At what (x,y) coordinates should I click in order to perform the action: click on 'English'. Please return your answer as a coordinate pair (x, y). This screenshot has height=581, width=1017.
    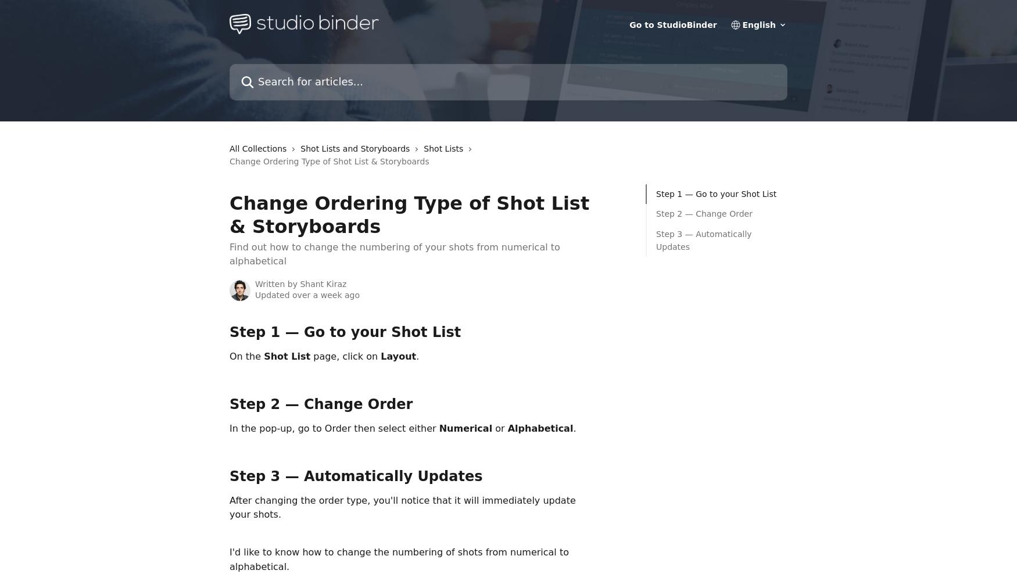
    Looking at the image, I should click on (758, 25).